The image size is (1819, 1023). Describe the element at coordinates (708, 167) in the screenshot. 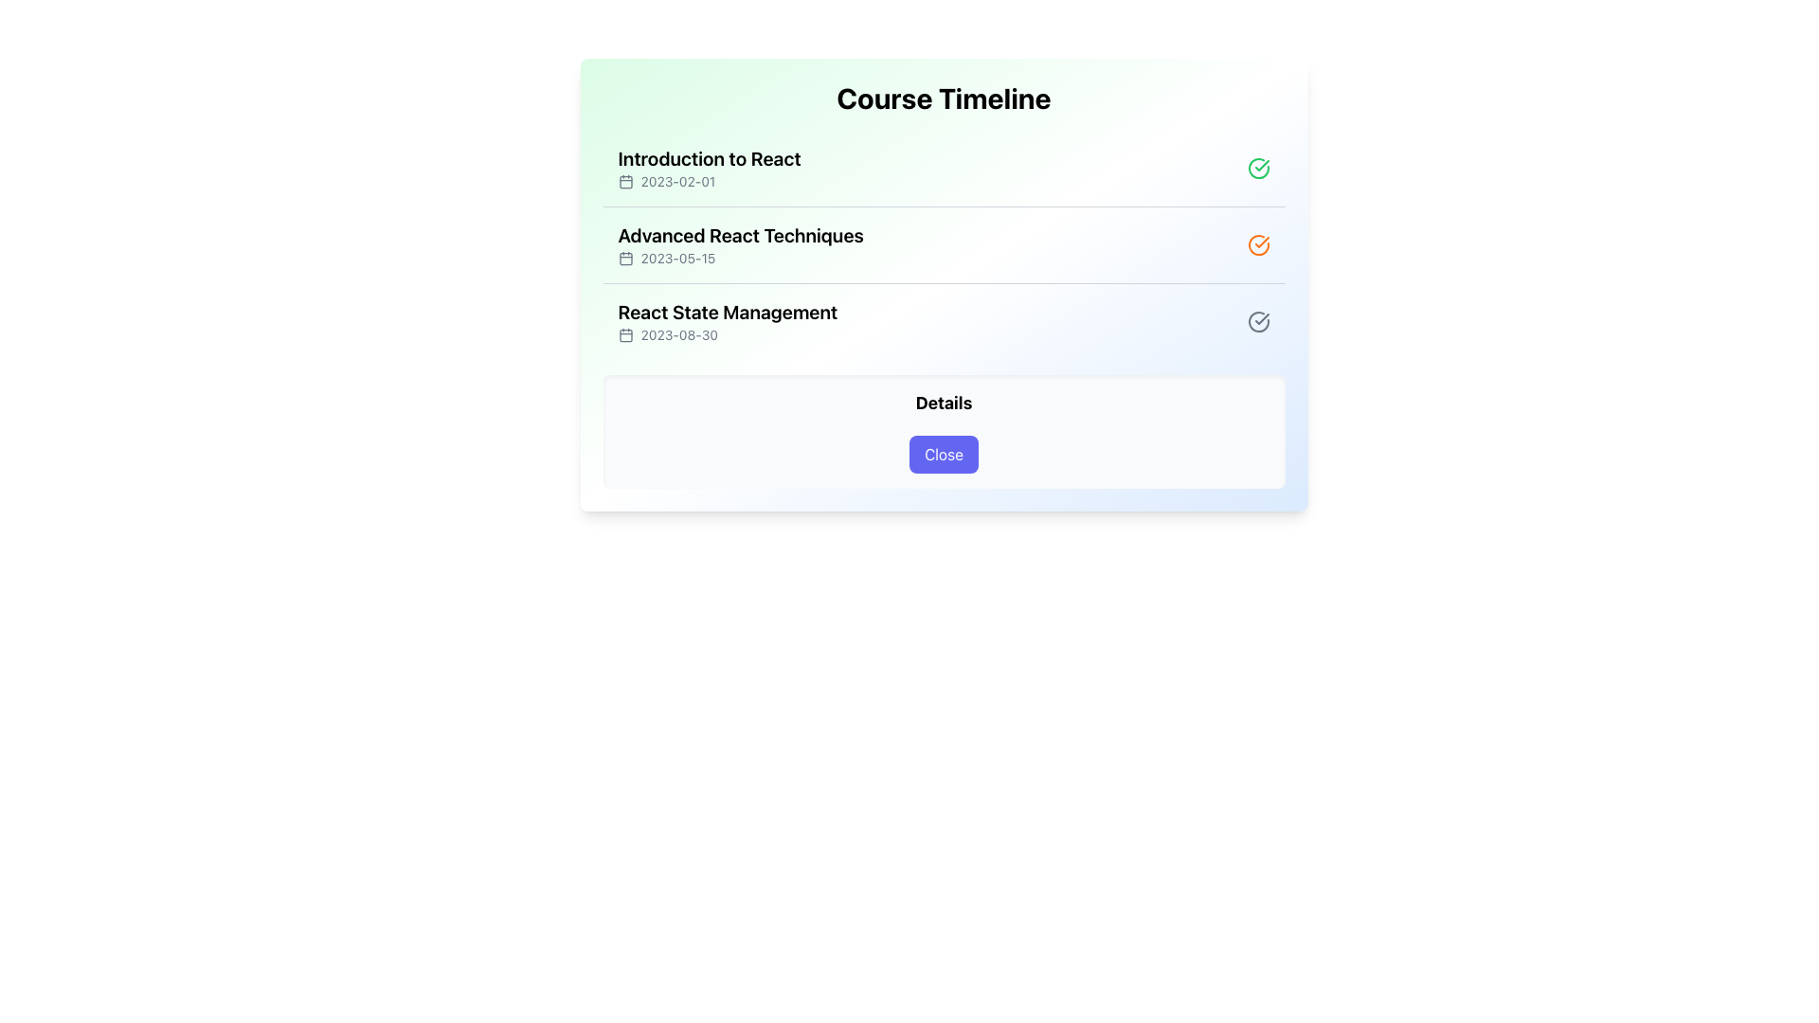

I see `the List Item with the bold headline 'Introduction to React' and subtitle '2023-02-01', which includes a calendar icon on the left, positioned at the top of the course timeline list` at that location.